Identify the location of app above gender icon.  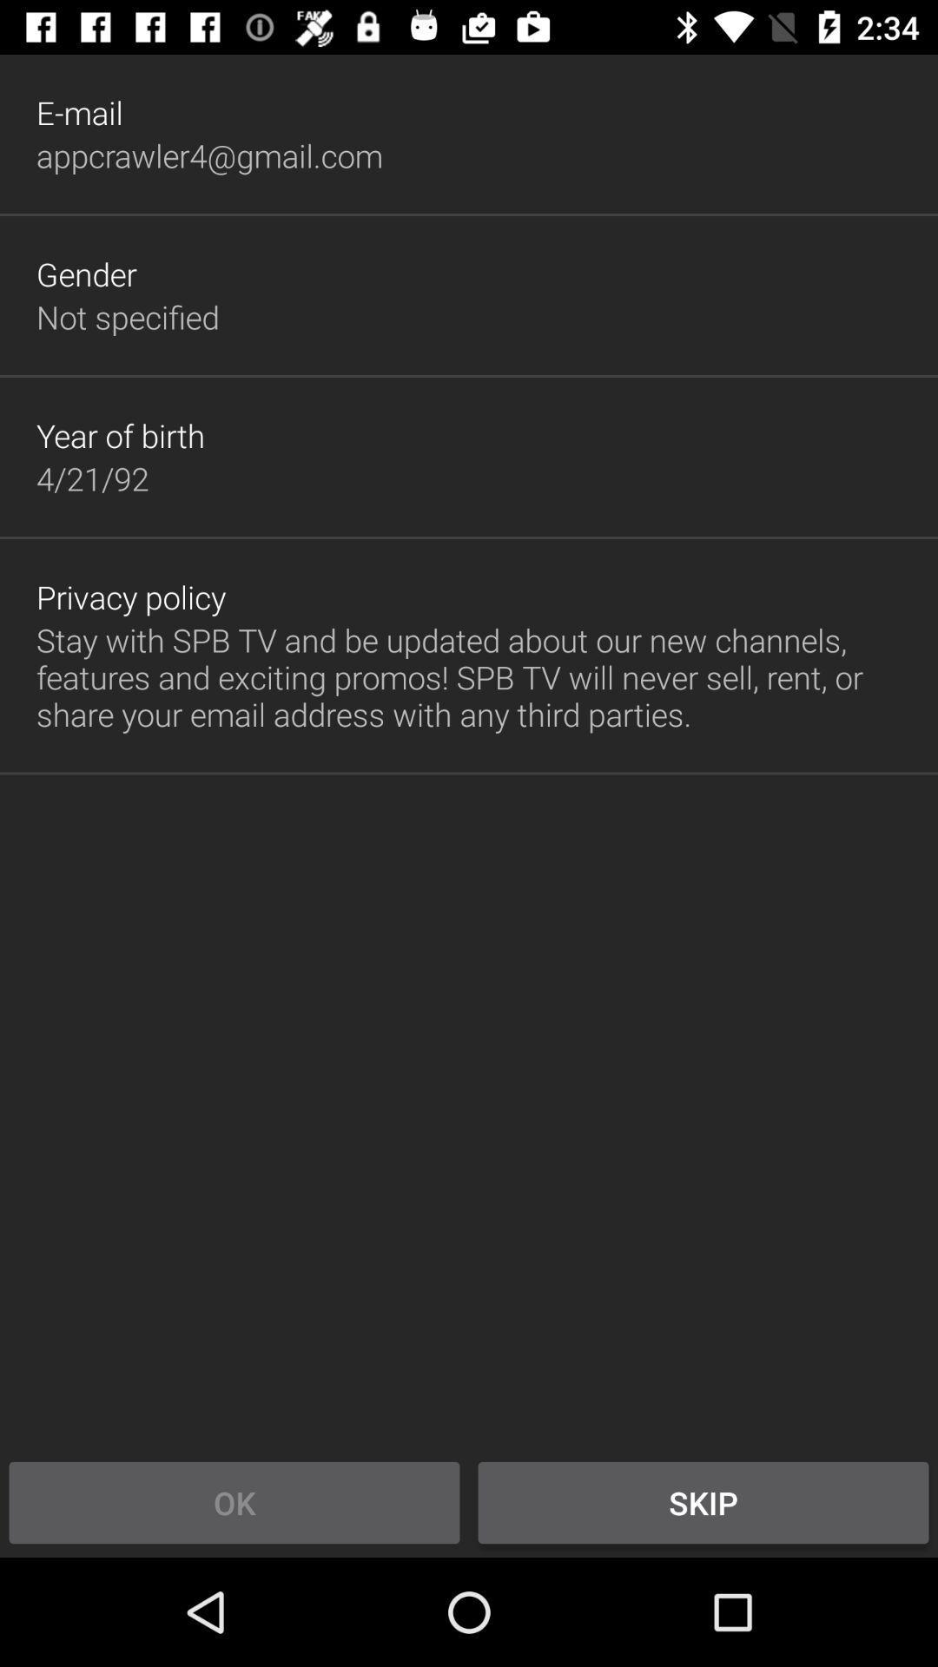
(208, 155).